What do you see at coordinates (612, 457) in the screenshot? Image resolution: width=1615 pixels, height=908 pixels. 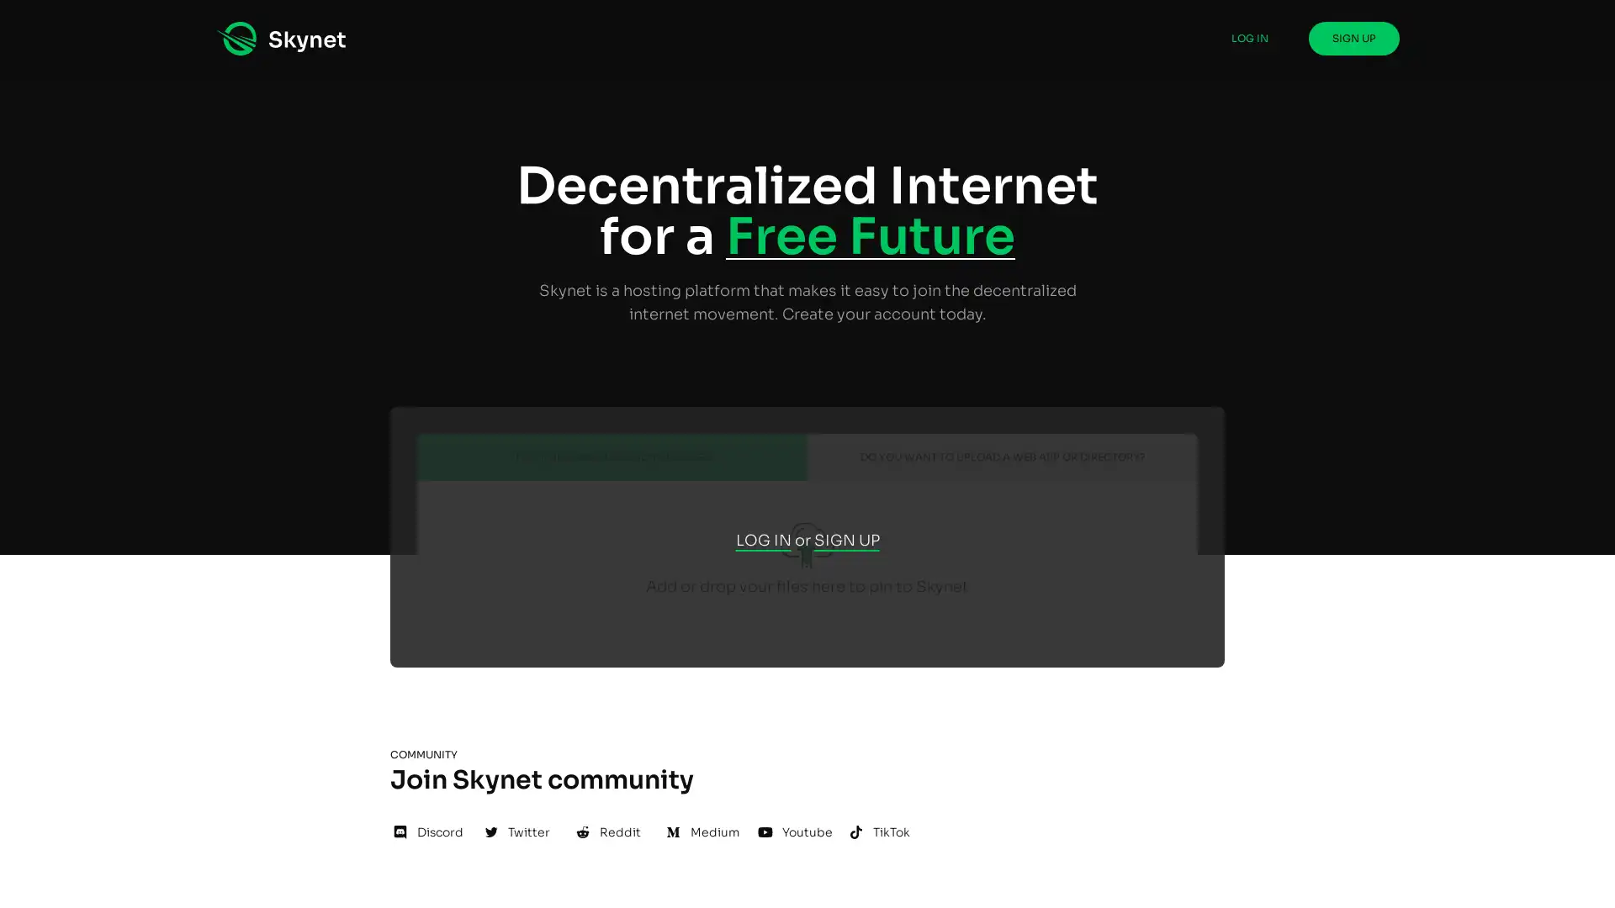 I see `TRY IT NOW AND UPLOAD YOUR FILES` at bounding box center [612, 457].